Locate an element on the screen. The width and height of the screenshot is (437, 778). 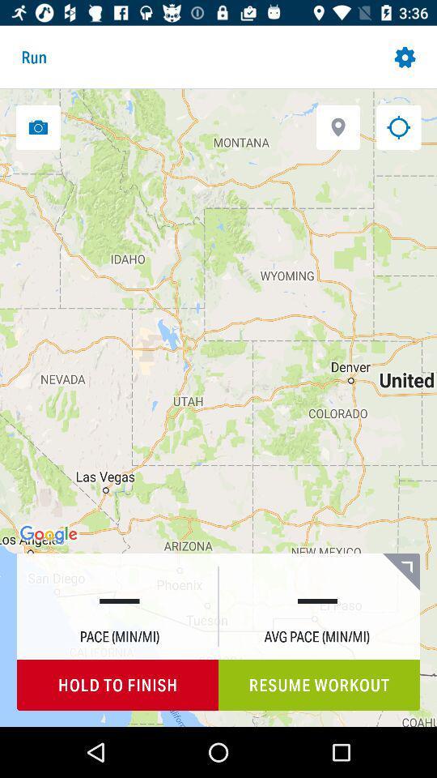
resume workout icon is located at coordinates (319, 684).